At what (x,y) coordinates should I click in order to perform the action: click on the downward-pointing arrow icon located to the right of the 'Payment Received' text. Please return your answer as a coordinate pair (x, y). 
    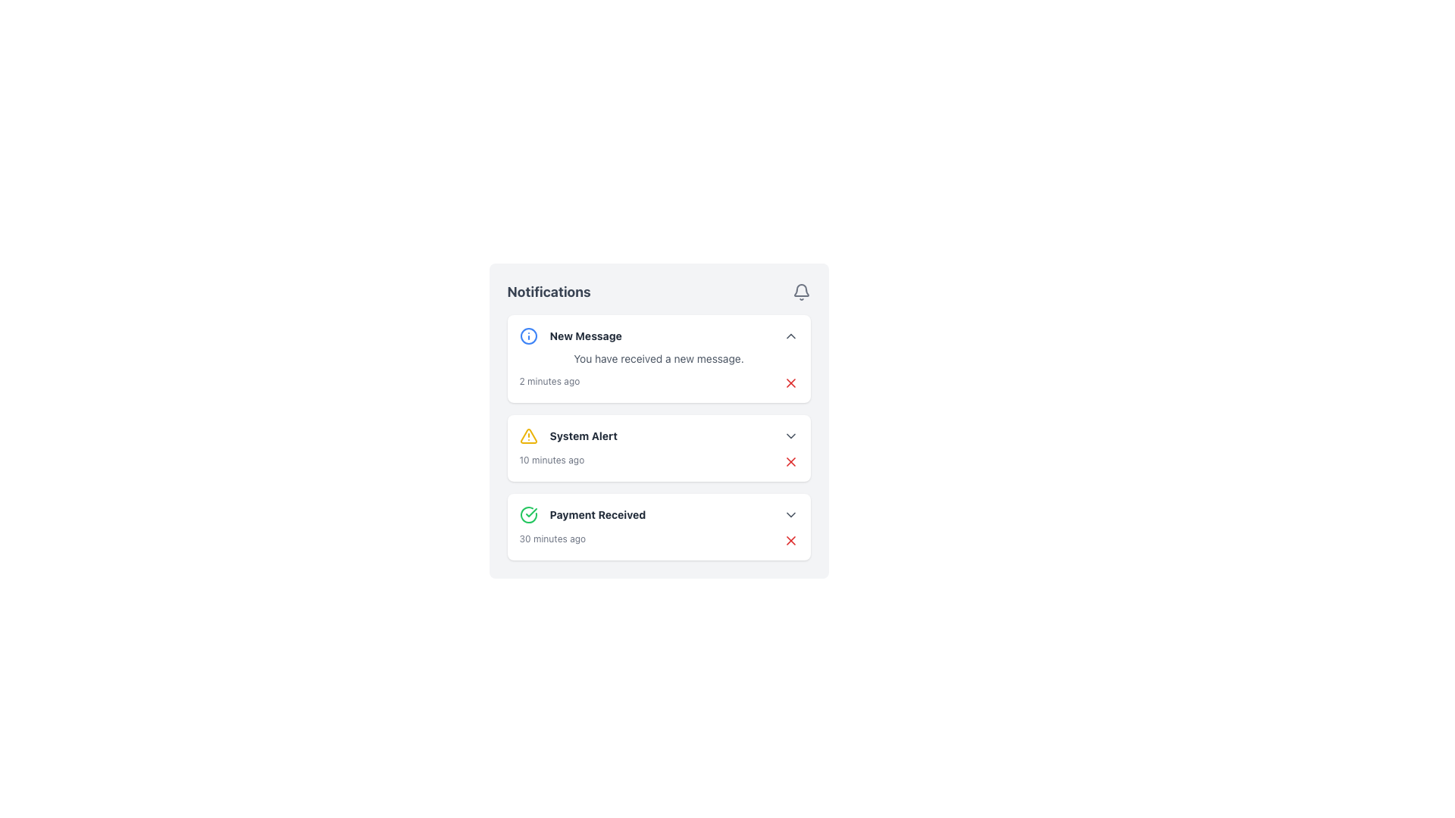
    Looking at the image, I should click on (790, 514).